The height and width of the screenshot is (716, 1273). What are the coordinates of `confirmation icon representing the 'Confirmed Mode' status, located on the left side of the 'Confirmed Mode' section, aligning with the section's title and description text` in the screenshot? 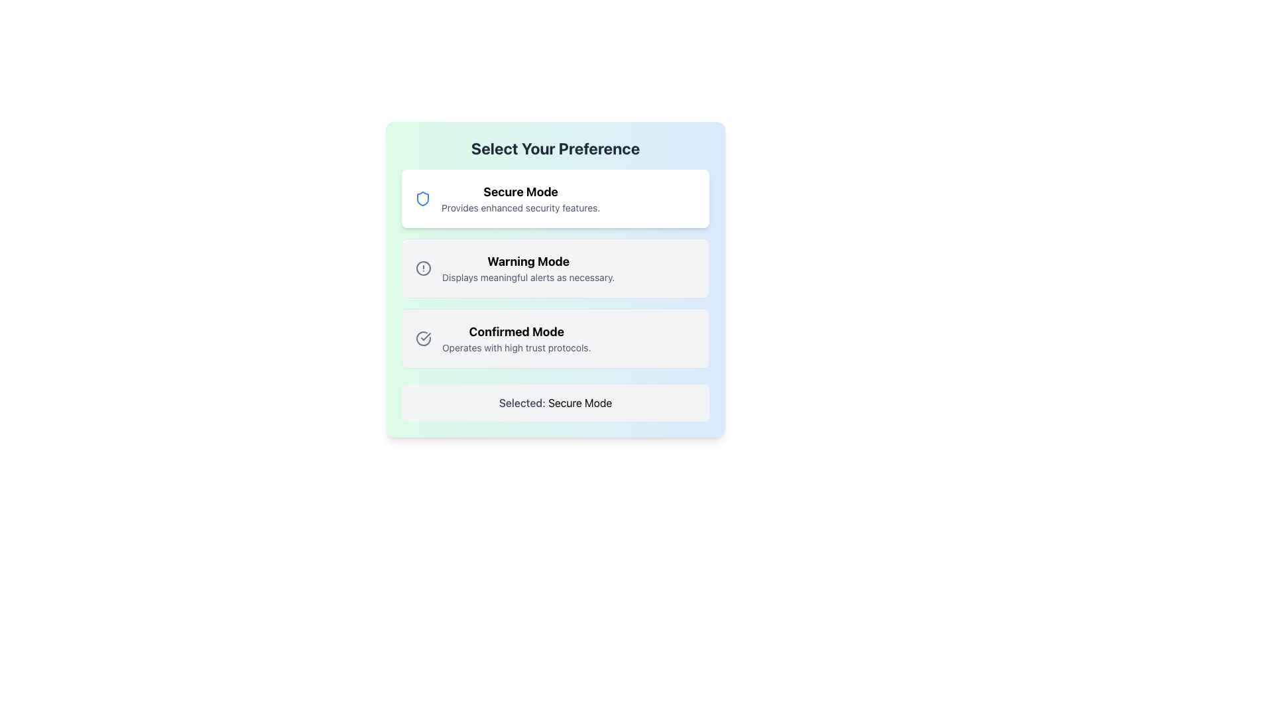 It's located at (422, 337).